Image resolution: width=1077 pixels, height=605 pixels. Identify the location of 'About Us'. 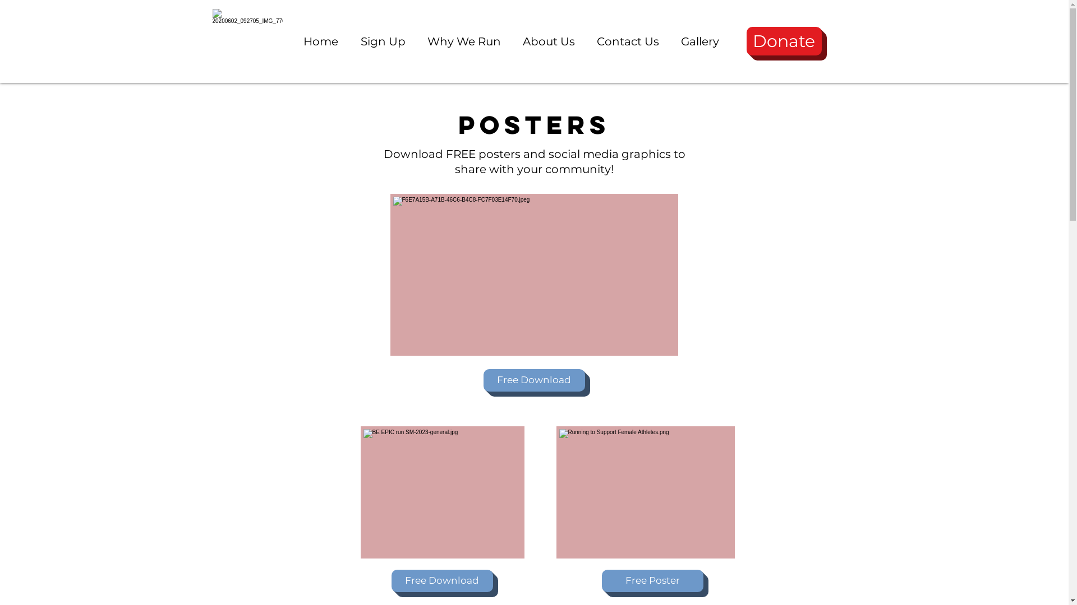
(551, 34).